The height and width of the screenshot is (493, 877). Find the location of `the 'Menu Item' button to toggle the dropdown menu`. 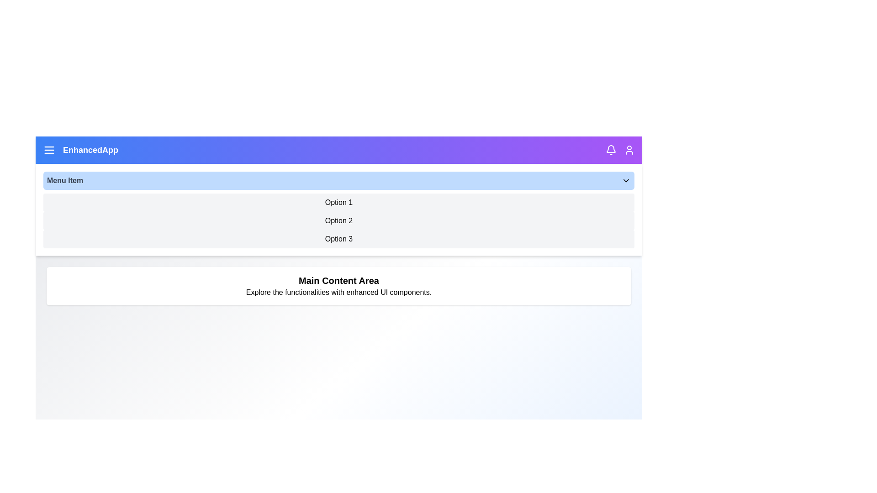

the 'Menu Item' button to toggle the dropdown menu is located at coordinates (338, 181).